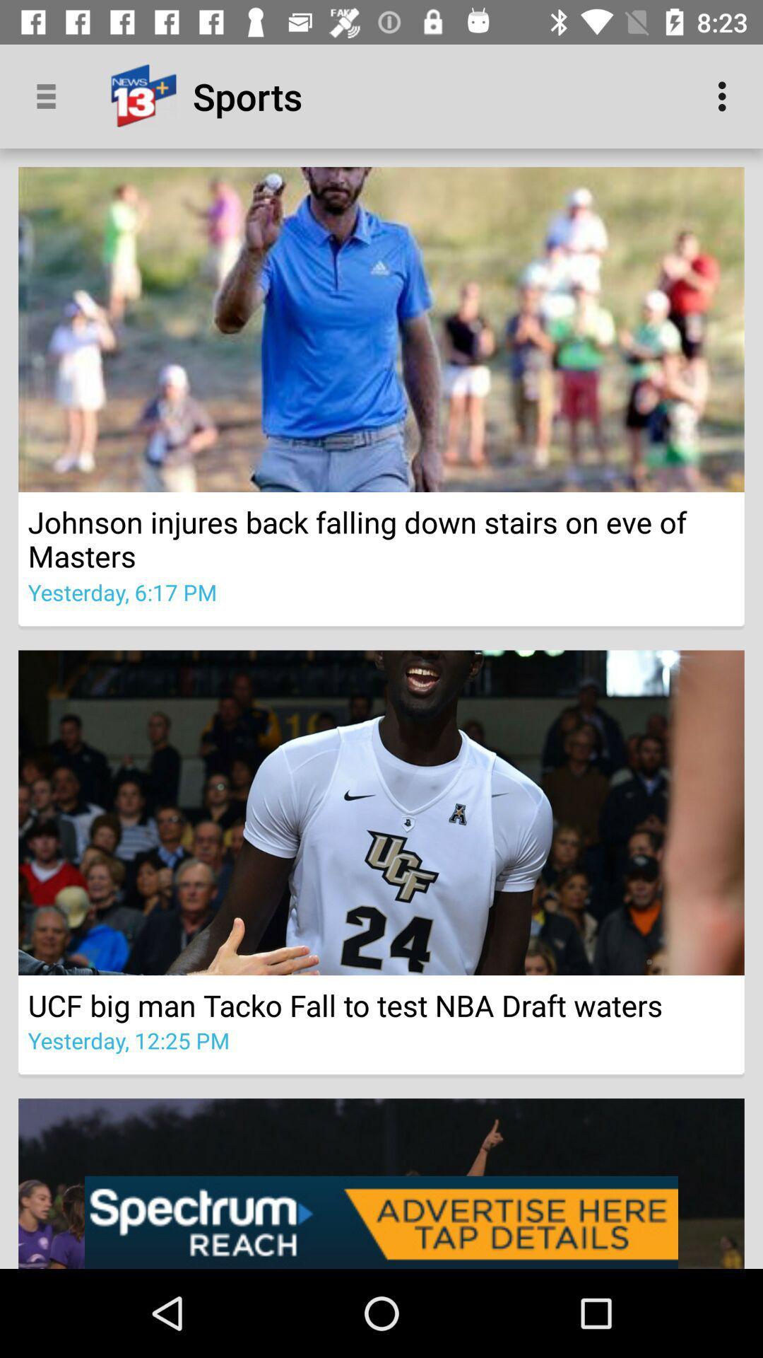 The image size is (763, 1358). Describe the element at coordinates (381, 1221) in the screenshot. I see `advertising pop up banner` at that location.